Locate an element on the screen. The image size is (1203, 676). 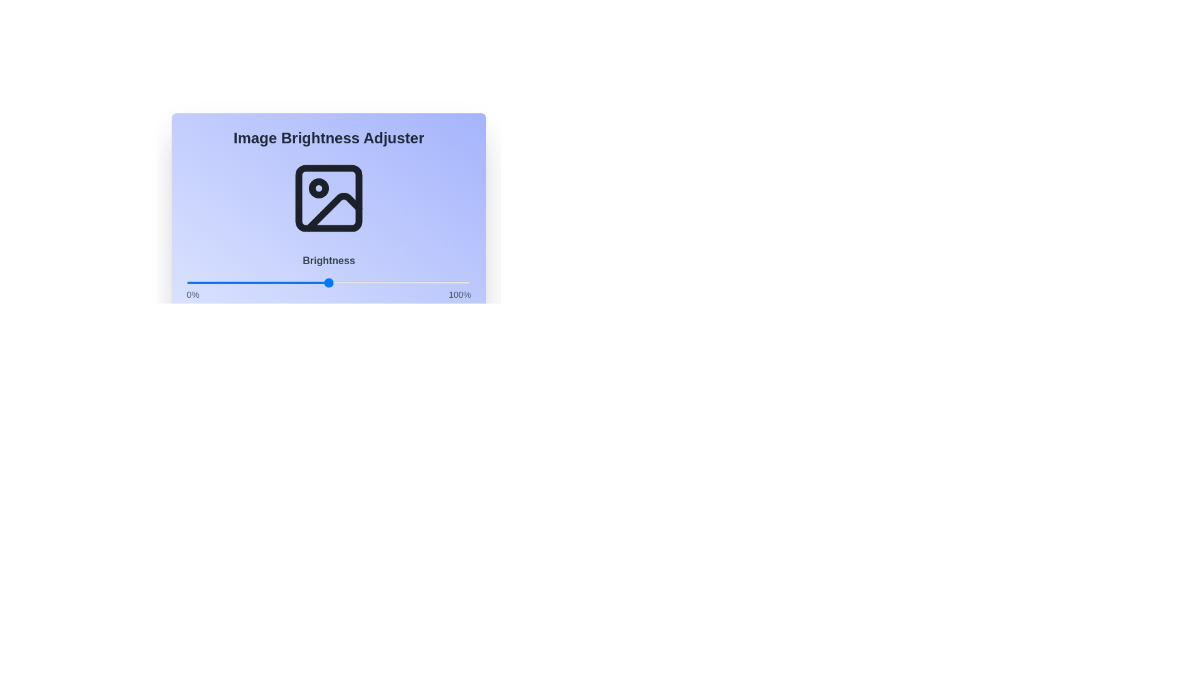
the brightness slider to 35% is located at coordinates (285, 282).